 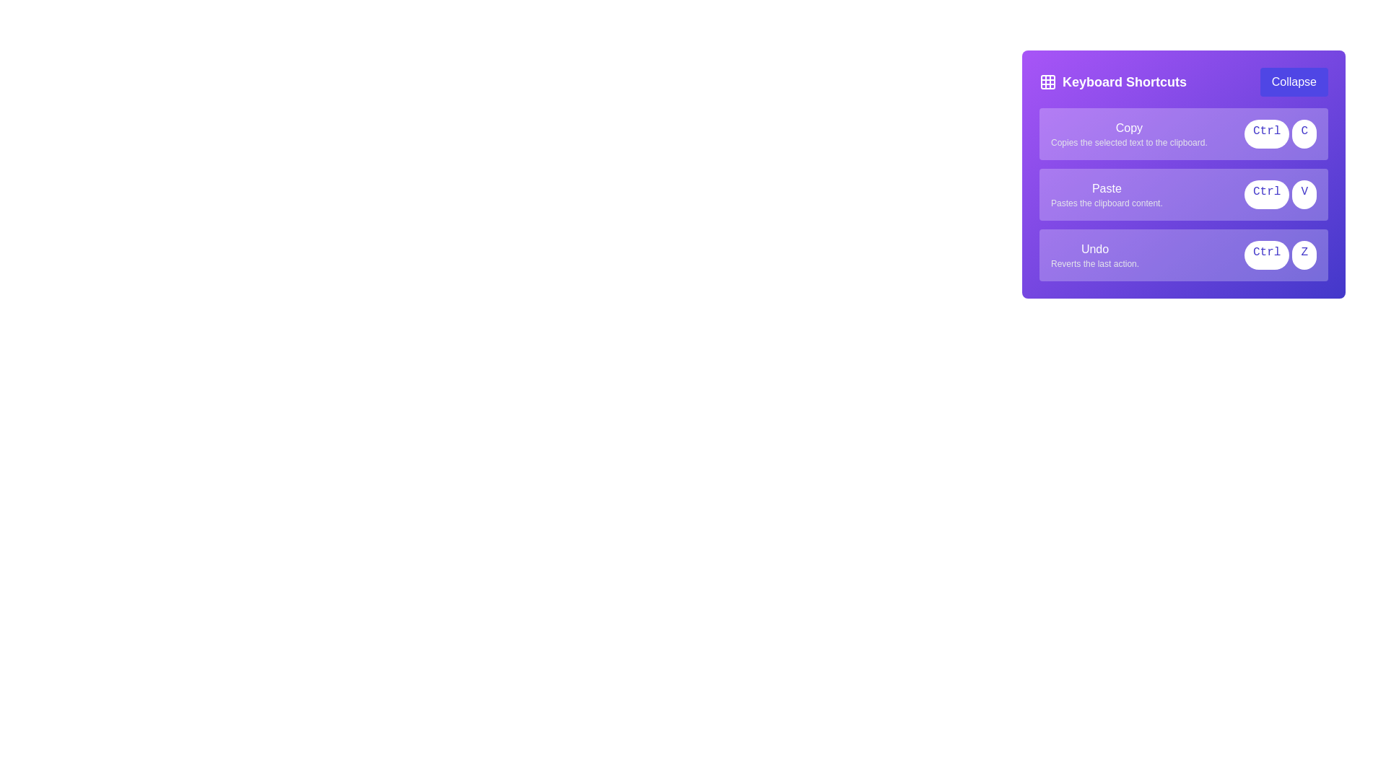 I want to click on the text label indicating the keyboard shortcut for 'Ctrl + V', which is located within a vertical list of shortcut commands in a purple panel, positioned below the 'Copy' command and above the 'Undo' command, so click(x=1106, y=195).